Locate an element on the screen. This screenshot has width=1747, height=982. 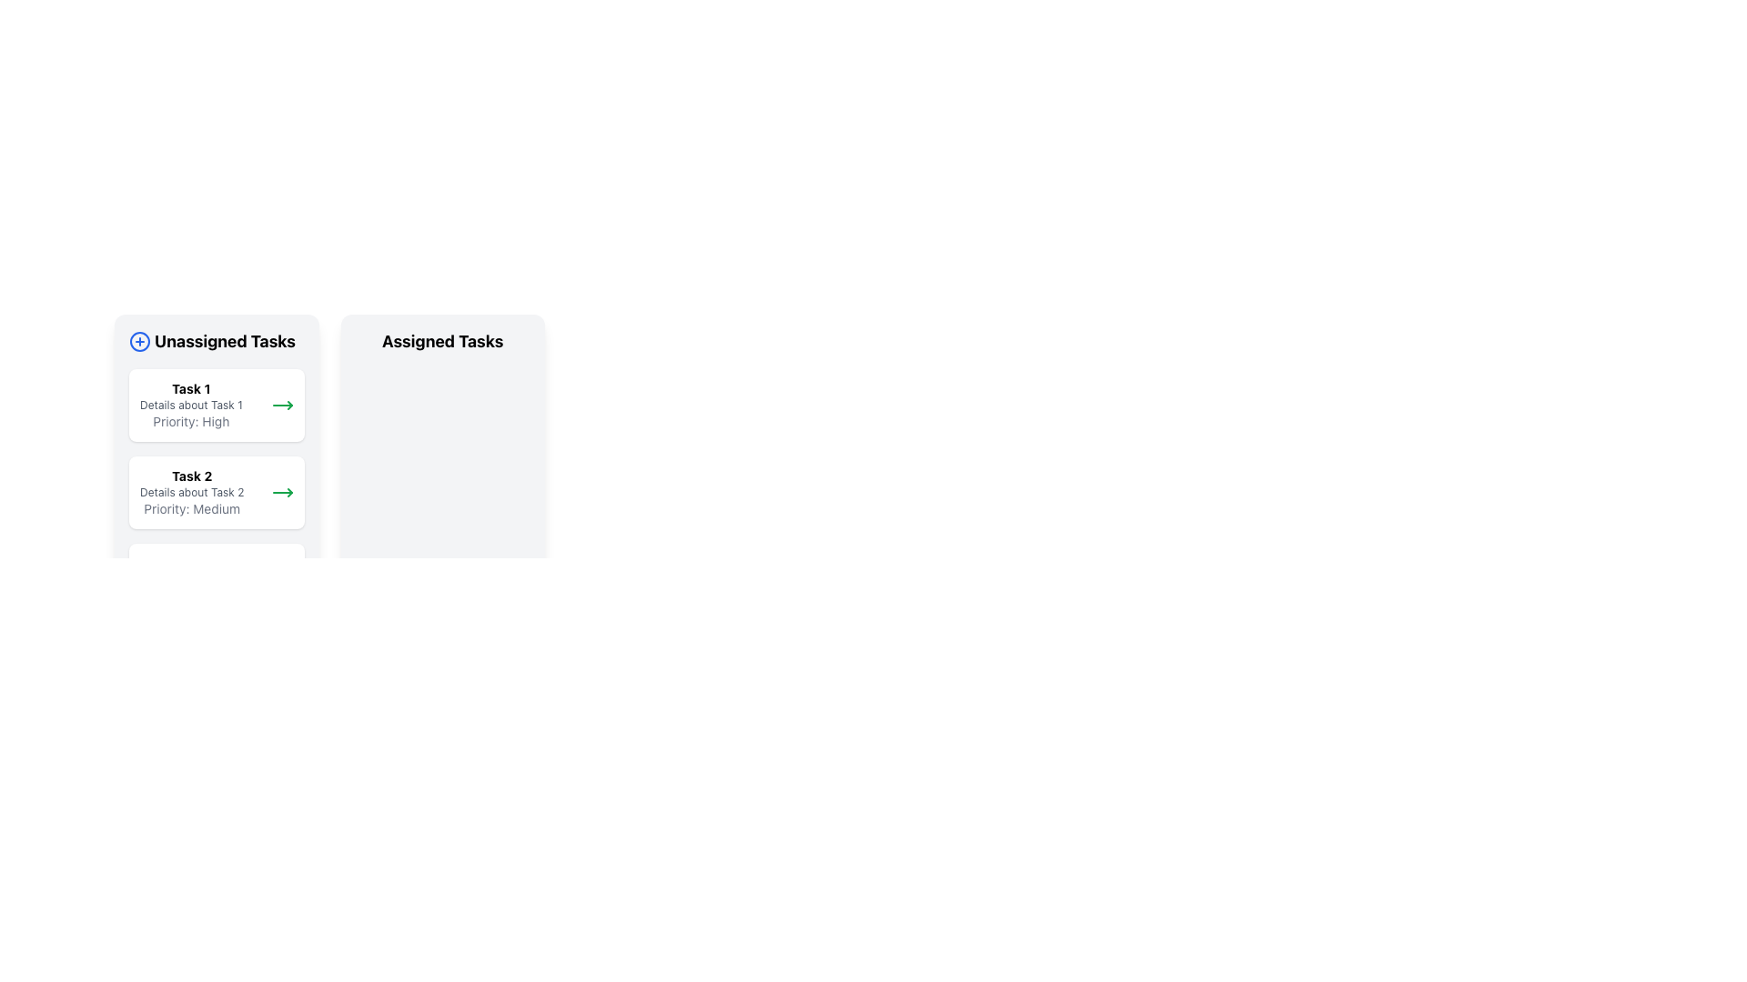
the text block displaying 'Details about Task 2', which is in small gray font and positioned below the title 'Task 2' in the 'Unassigned Tasks' section is located at coordinates (192, 493).